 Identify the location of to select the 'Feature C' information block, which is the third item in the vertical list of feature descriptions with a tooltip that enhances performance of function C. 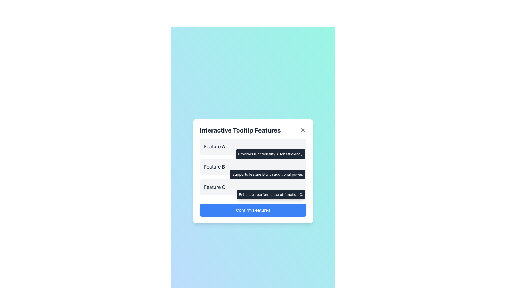
(253, 187).